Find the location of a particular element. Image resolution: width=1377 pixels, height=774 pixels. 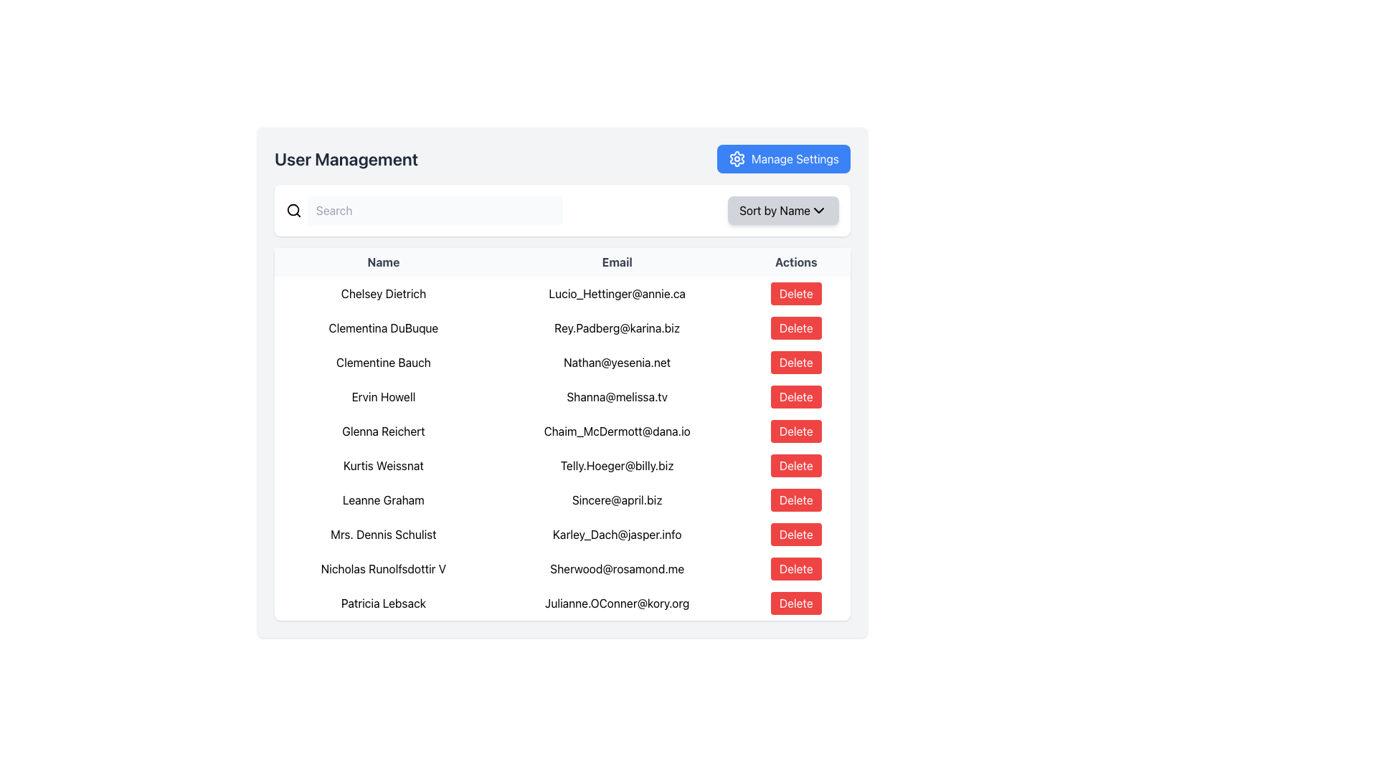

the red rectangular 'Delete' button associated with the email 'Chaim_McDermott@dana.io' and the name 'Glenna Reichert' is located at coordinates (795, 430).